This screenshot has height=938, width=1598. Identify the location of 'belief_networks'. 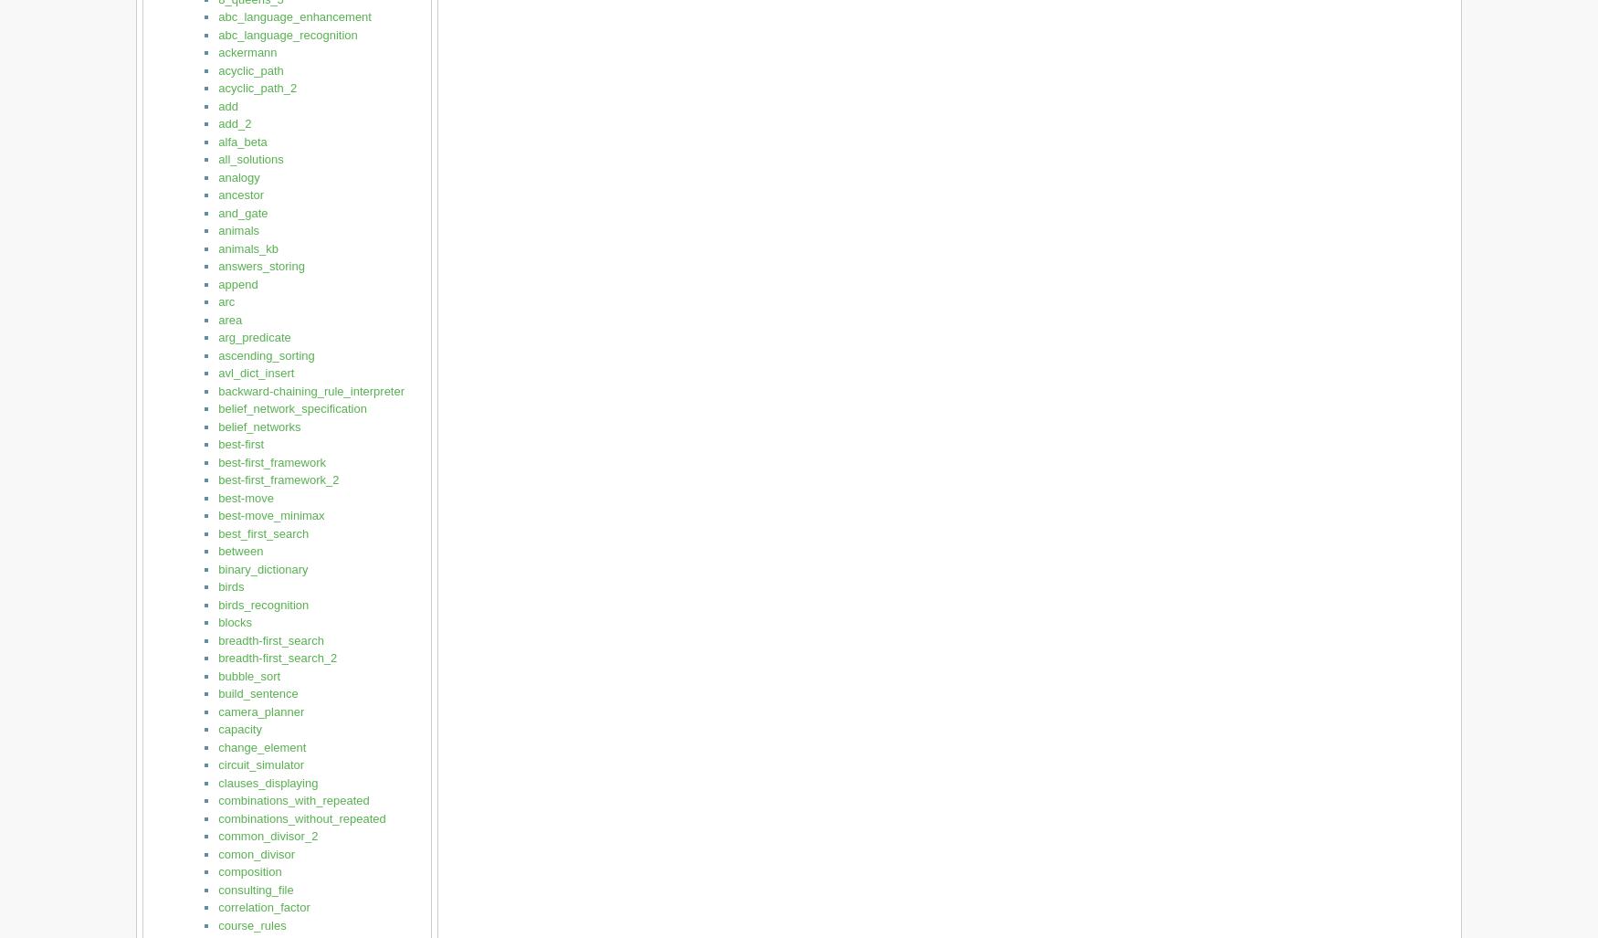
(258, 426).